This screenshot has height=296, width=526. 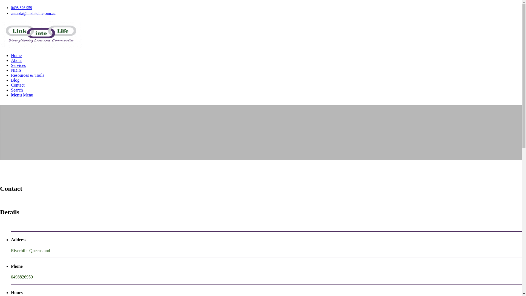 What do you see at coordinates (22, 95) in the screenshot?
I see `'Menu Menu'` at bounding box center [22, 95].